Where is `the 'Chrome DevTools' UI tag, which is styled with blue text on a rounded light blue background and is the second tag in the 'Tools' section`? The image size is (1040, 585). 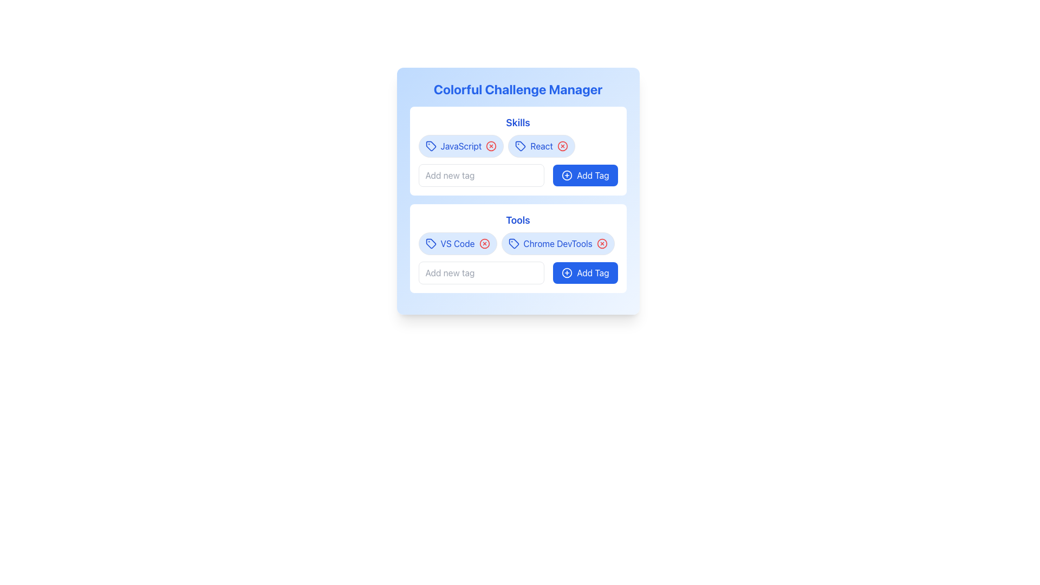
the 'Chrome DevTools' UI tag, which is styled with blue text on a rounded light blue background and is the second tag in the 'Tools' section is located at coordinates (558, 244).